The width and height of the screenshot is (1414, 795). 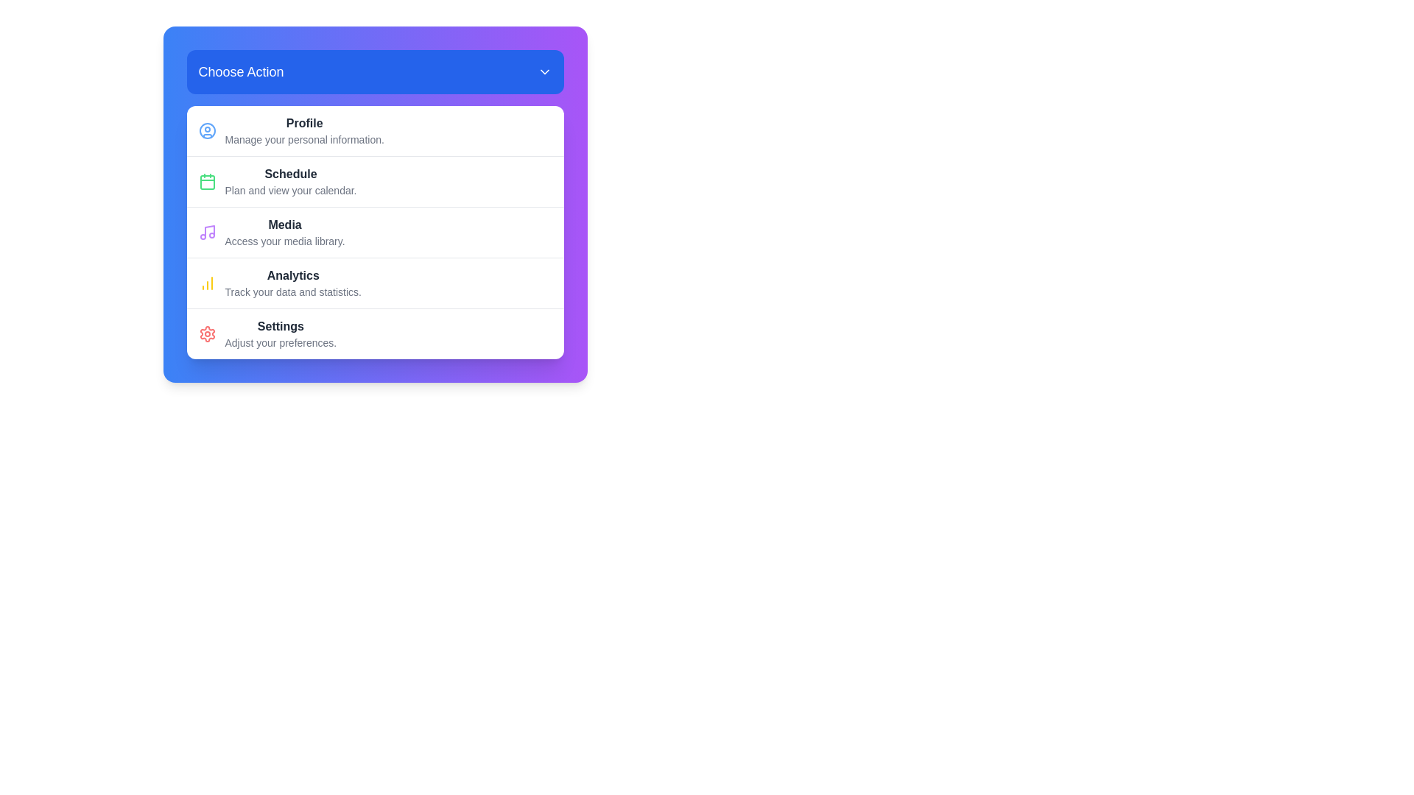 I want to click on the 'Analytics' menu item, which is the fourth item in the vertical list of options inside the 'Choose Action' box, so click(x=375, y=283).